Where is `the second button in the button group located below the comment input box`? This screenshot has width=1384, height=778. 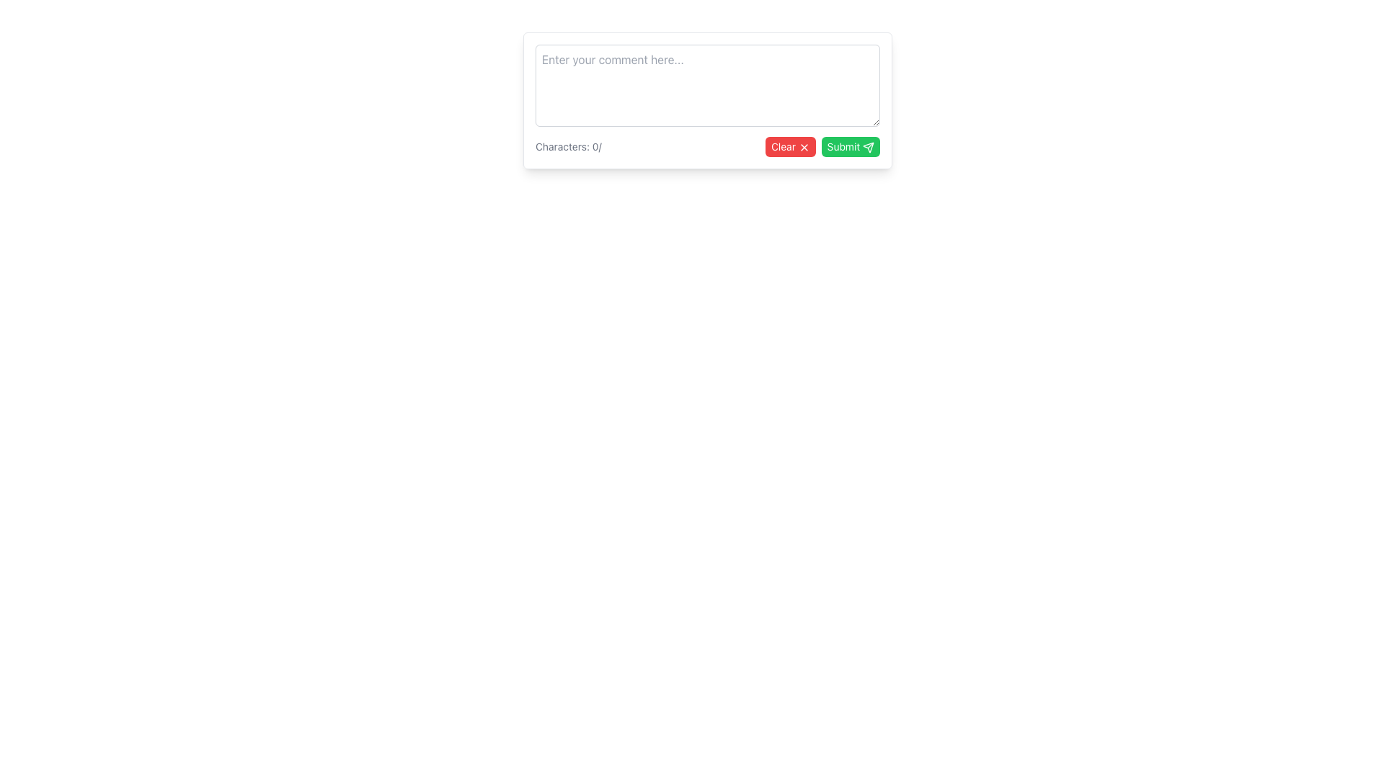 the second button in the button group located below the comment input box is located at coordinates (851, 147).